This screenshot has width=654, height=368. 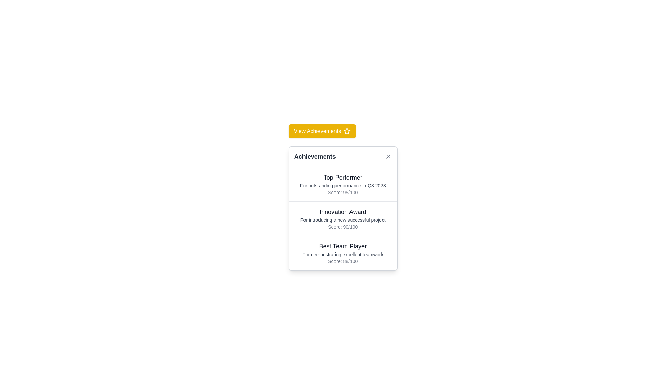 I want to click on the 'Achievements' section header text label, which is centrally located at the top of a card-like layout with a white background, so click(x=314, y=156).